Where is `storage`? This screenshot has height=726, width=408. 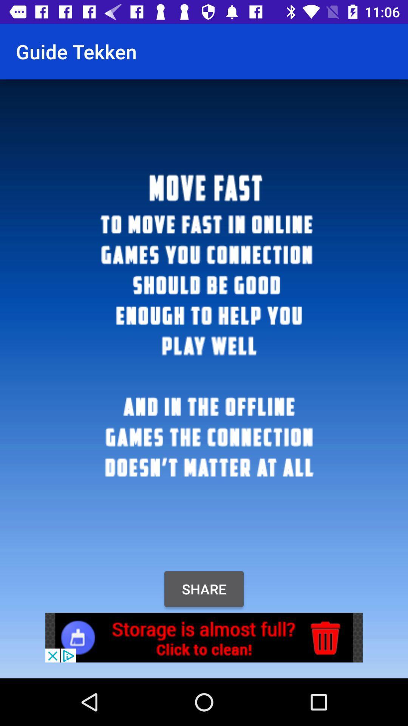
storage is located at coordinates (204, 637).